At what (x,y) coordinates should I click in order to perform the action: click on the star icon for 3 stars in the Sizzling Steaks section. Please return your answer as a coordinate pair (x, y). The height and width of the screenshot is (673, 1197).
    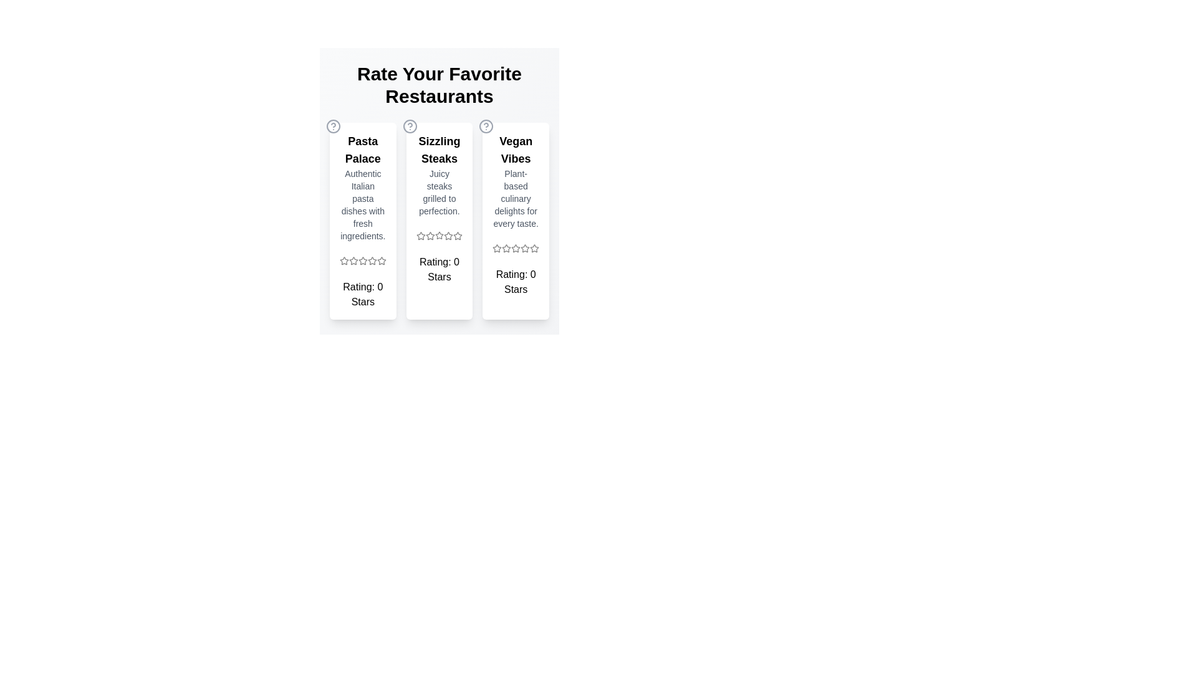
    Looking at the image, I should click on (440, 236).